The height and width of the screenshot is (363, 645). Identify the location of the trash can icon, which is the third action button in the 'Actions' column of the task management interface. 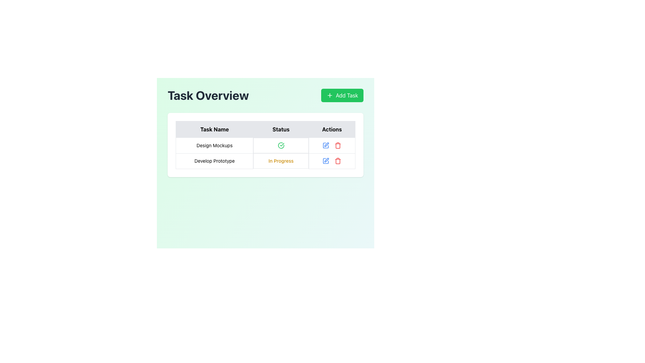
(338, 146).